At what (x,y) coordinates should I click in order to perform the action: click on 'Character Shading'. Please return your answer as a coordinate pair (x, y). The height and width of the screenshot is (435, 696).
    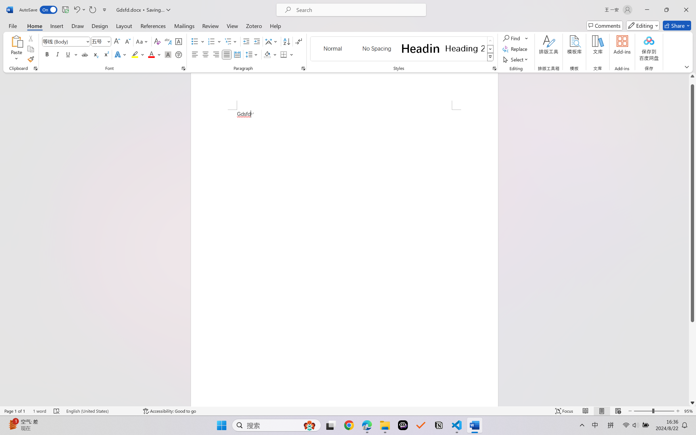
    Looking at the image, I should click on (167, 54).